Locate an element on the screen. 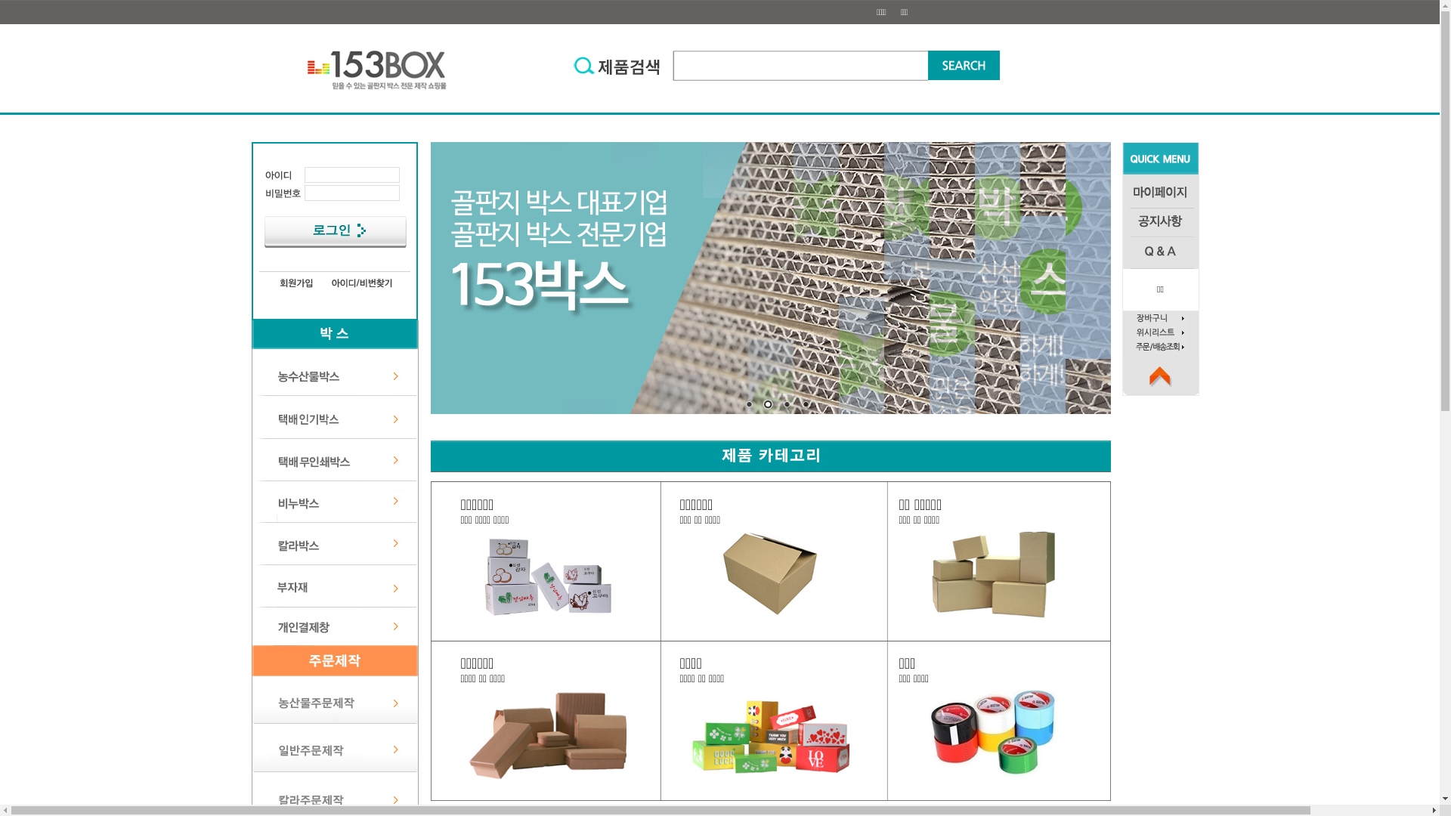 The width and height of the screenshot is (1451, 816). '1' is located at coordinates (748, 404).